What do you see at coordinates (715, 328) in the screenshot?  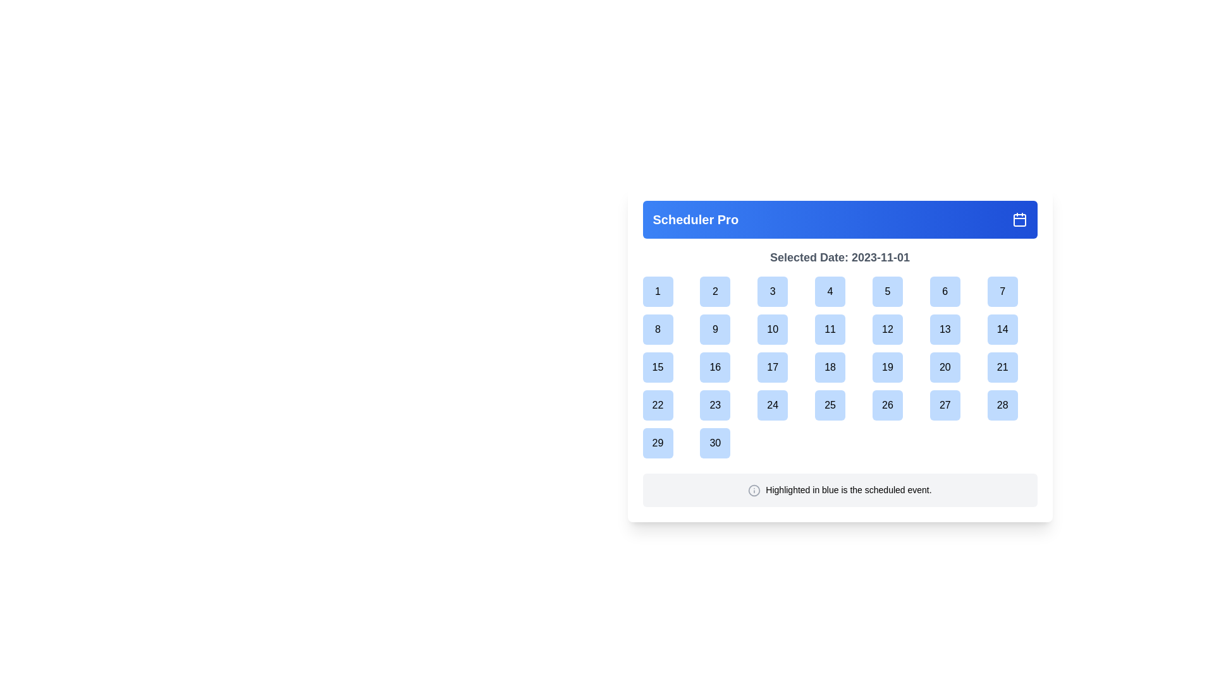 I see `the ninth date button in the calendar interface` at bounding box center [715, 328].